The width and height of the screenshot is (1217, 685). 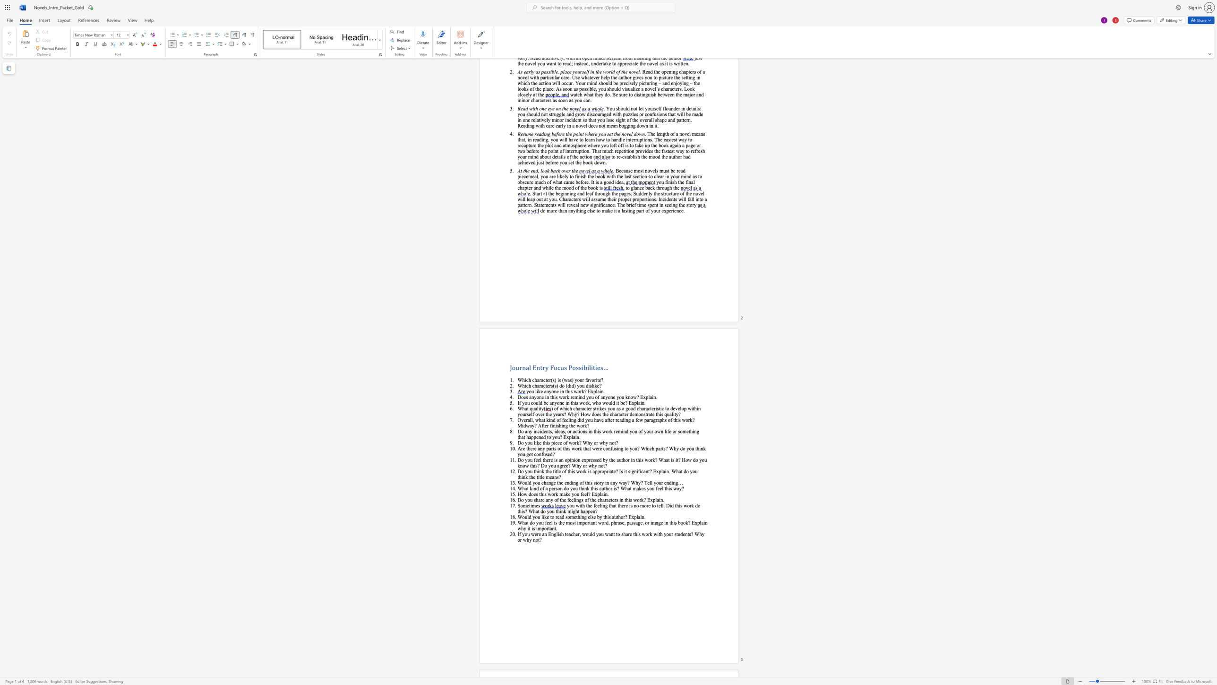 I want to click on the subset text "al Ent" within the text "Journal Entry Focus Possibilities…", so click(x=525, y=367).